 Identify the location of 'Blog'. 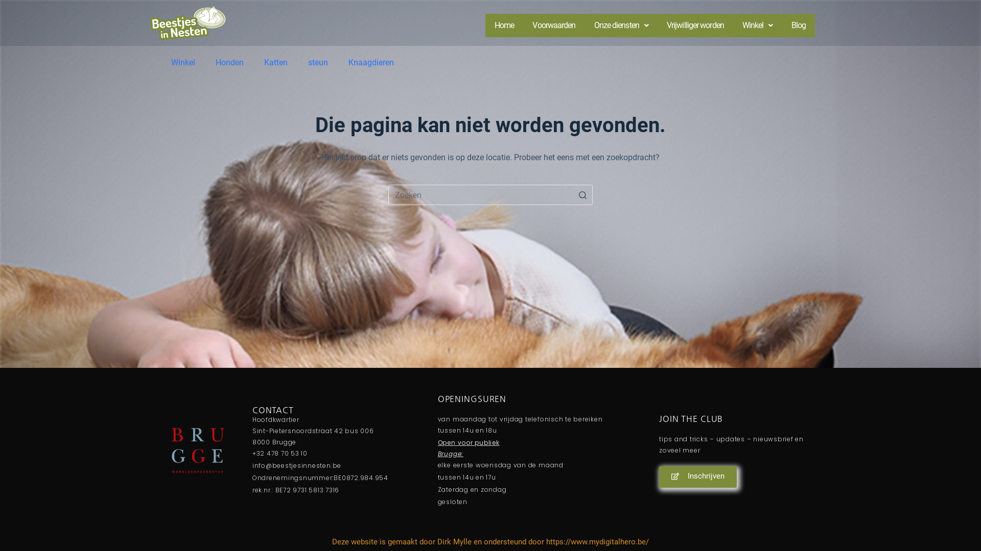
(798, 25).